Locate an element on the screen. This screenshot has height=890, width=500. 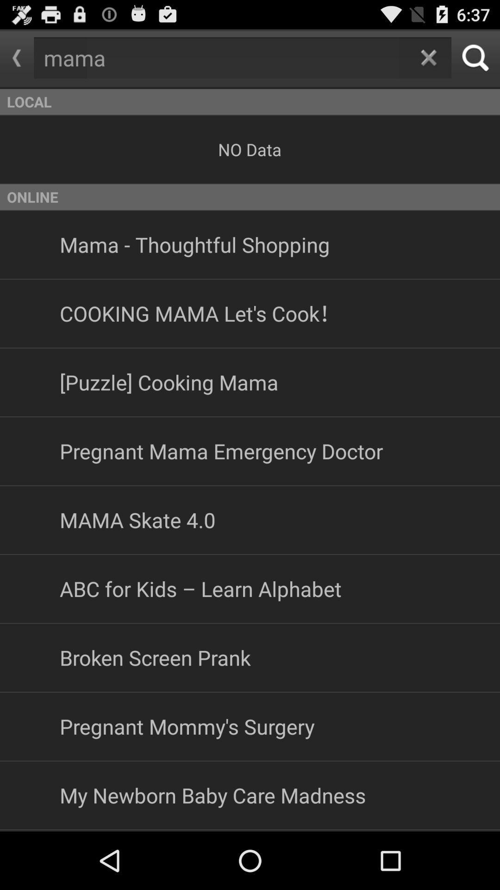
the close icon is located at coordinates (428, 61).